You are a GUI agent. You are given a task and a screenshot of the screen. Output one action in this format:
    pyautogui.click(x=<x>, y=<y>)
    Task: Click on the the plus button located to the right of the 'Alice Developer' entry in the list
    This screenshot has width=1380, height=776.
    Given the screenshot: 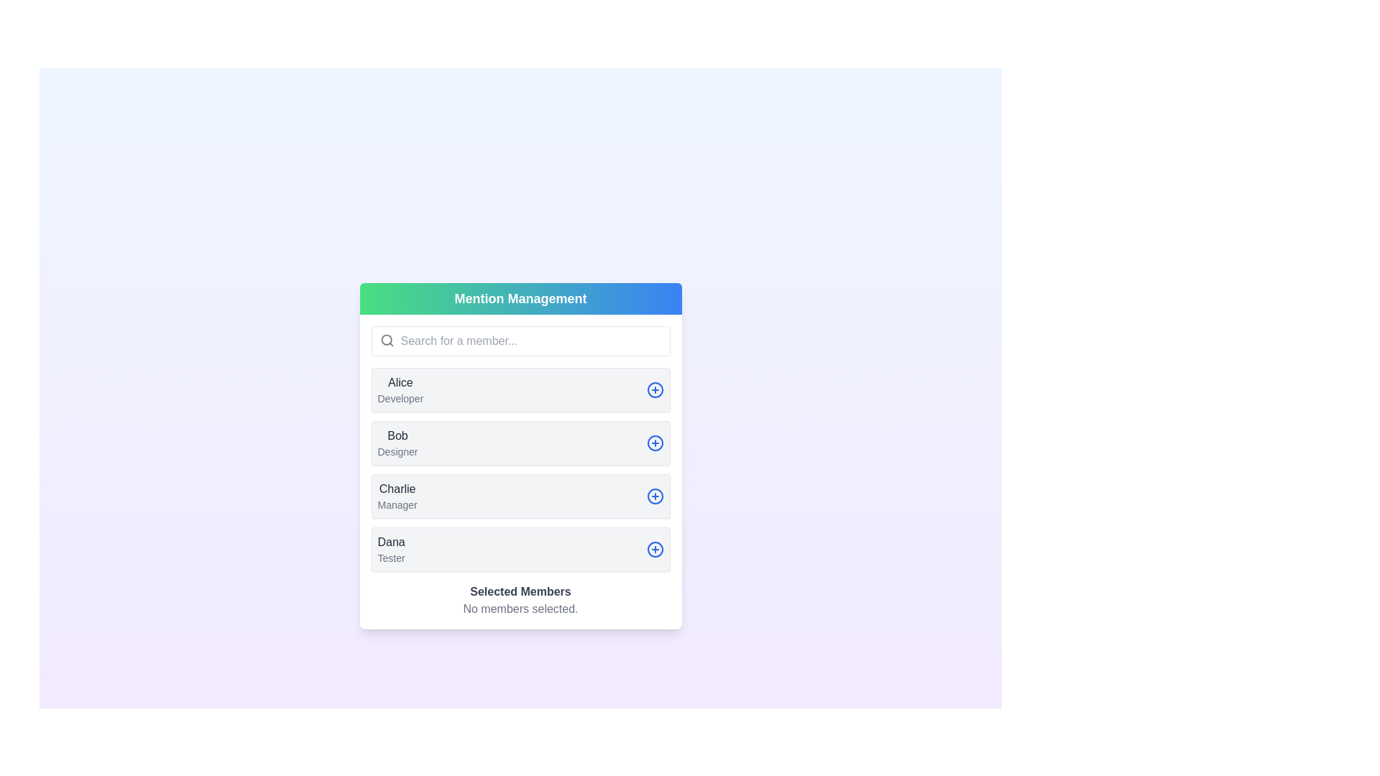 What is the action you would take?
    pyautogui.click(x=654, y=390)
    